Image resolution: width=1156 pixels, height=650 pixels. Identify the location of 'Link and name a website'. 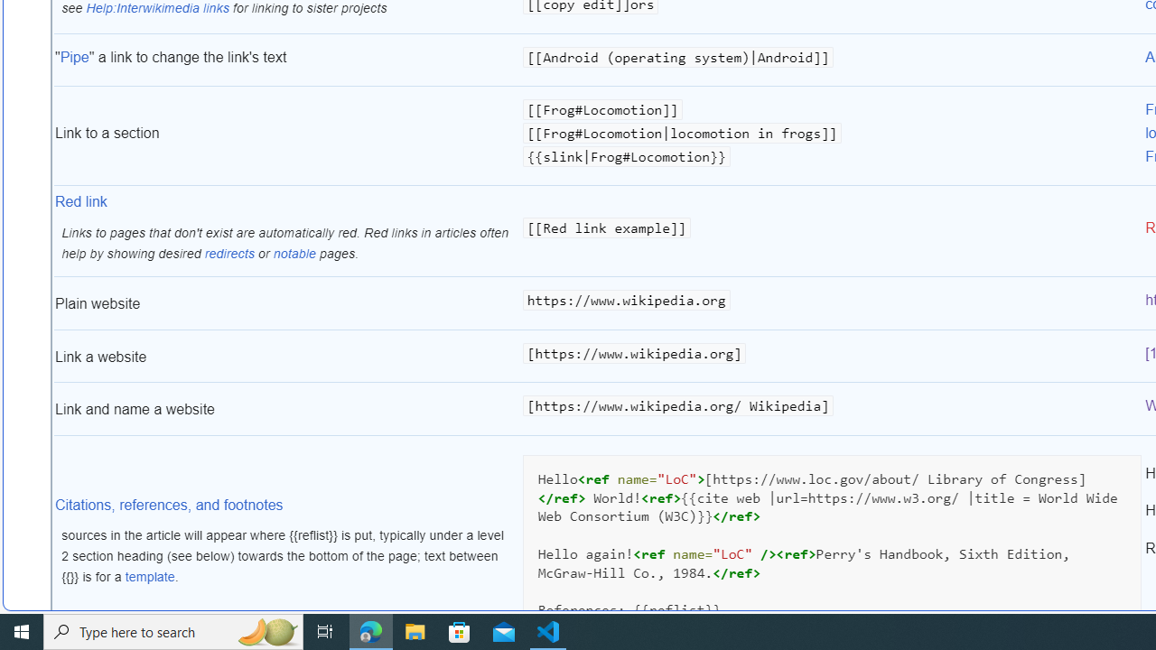
(286, 409).